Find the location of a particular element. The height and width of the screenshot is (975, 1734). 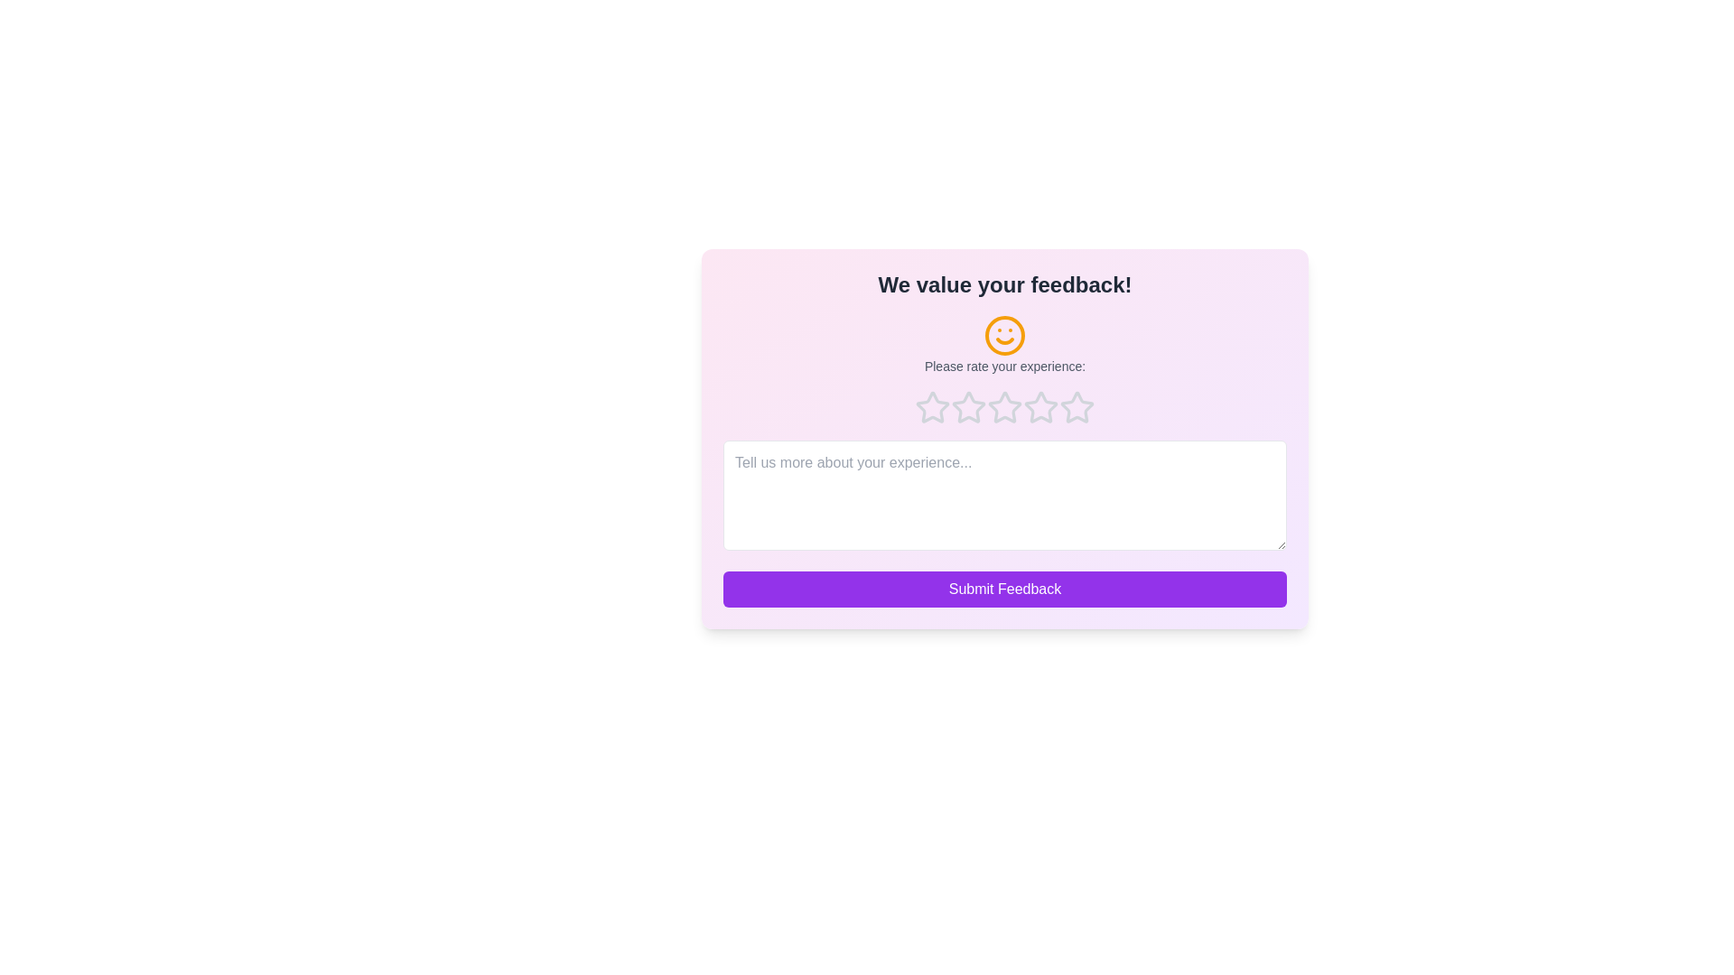

the Header text that reads 'We value your feedback!', which is styled in bold and large font, centrally aligned, and positioned at the top of a card-like structure with a gradient background is located at coordinates (1004, 284).